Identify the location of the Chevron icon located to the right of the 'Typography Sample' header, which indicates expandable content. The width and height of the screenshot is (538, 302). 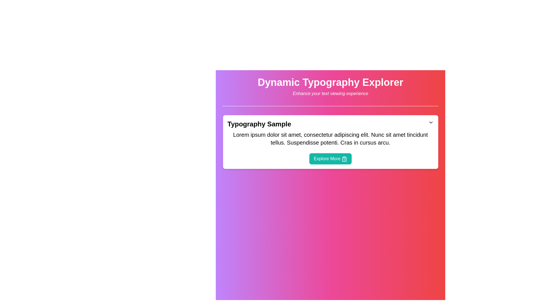
(430, 122).